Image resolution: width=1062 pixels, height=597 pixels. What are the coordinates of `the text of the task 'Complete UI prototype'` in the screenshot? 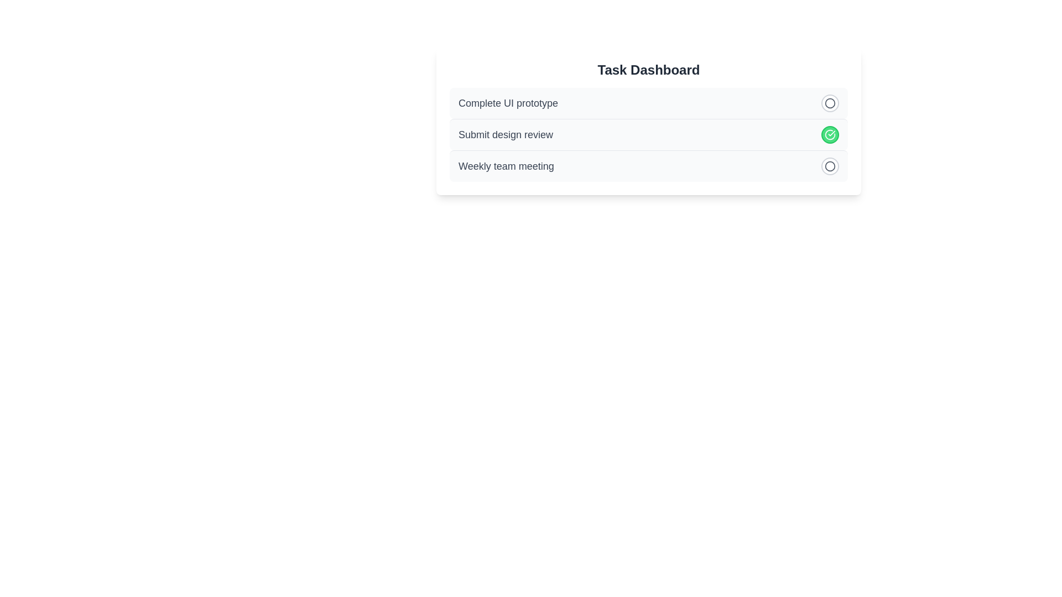 It's located at (507, 103).